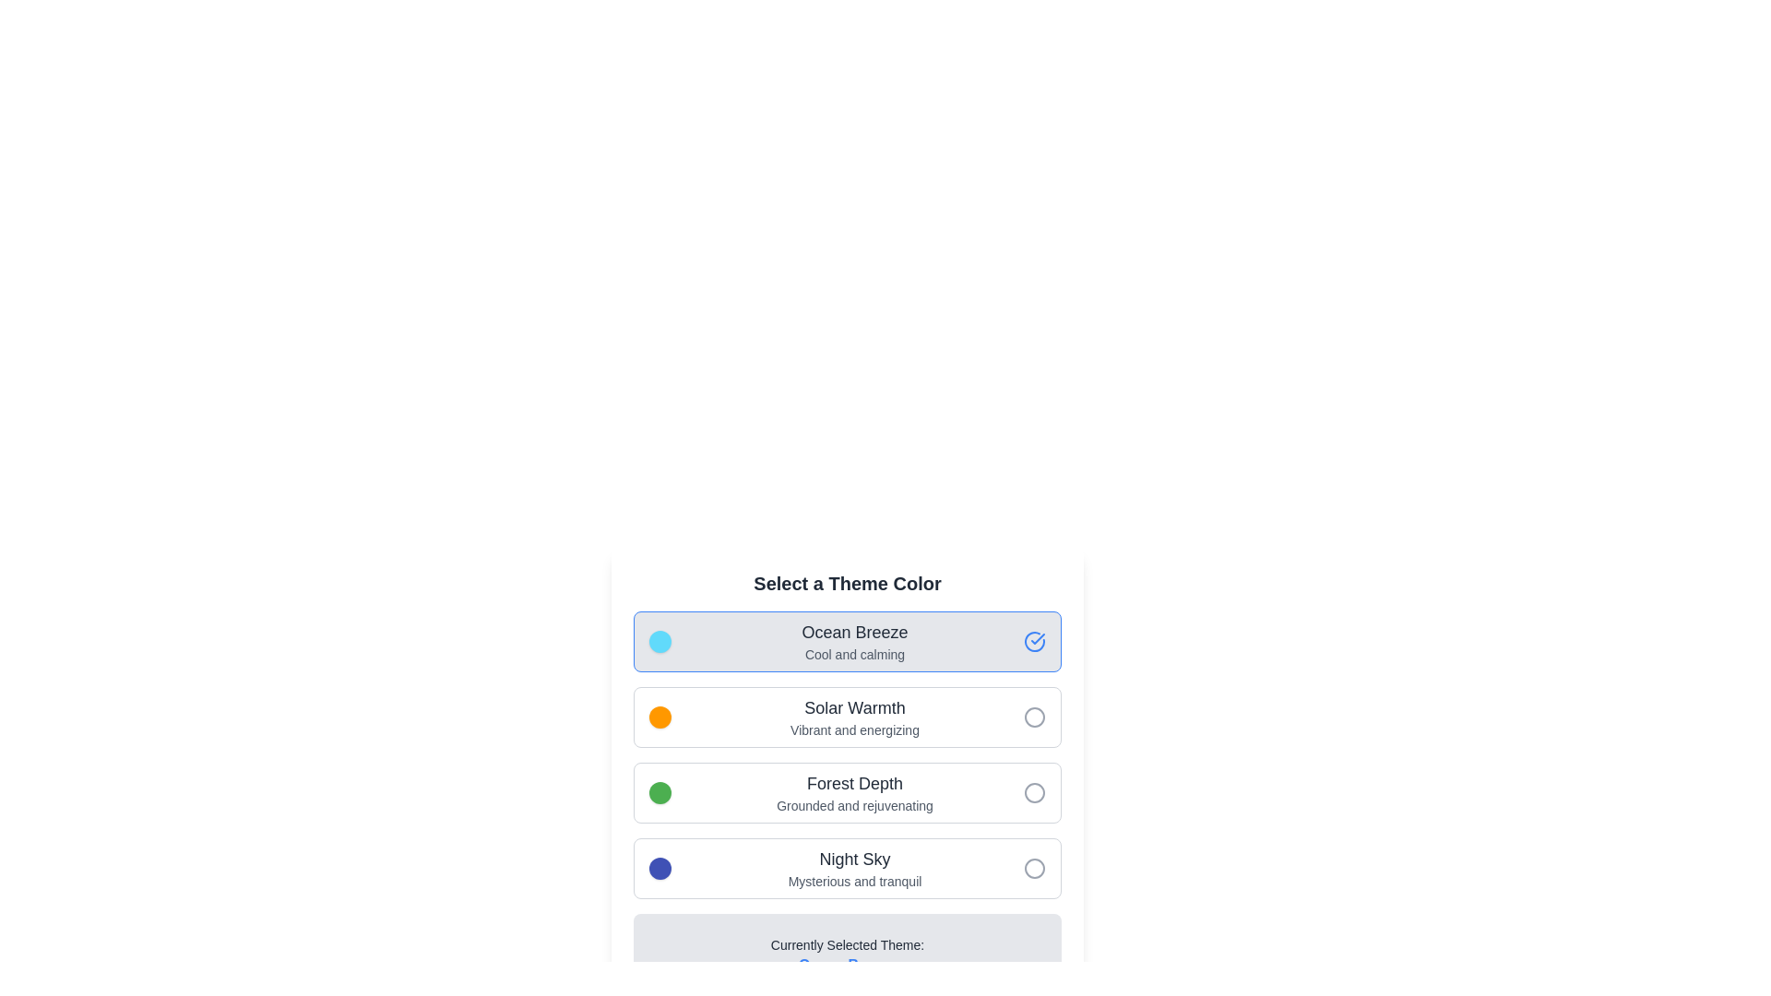 This screenshot has height=996, width=1771. Describe the element at coordinates (846, 640) in the screenshot. I see `the topmost selectable list item with a light gray background and blue circular icon labeled 'Ocean Breeze' to visually scale the element` at that location.